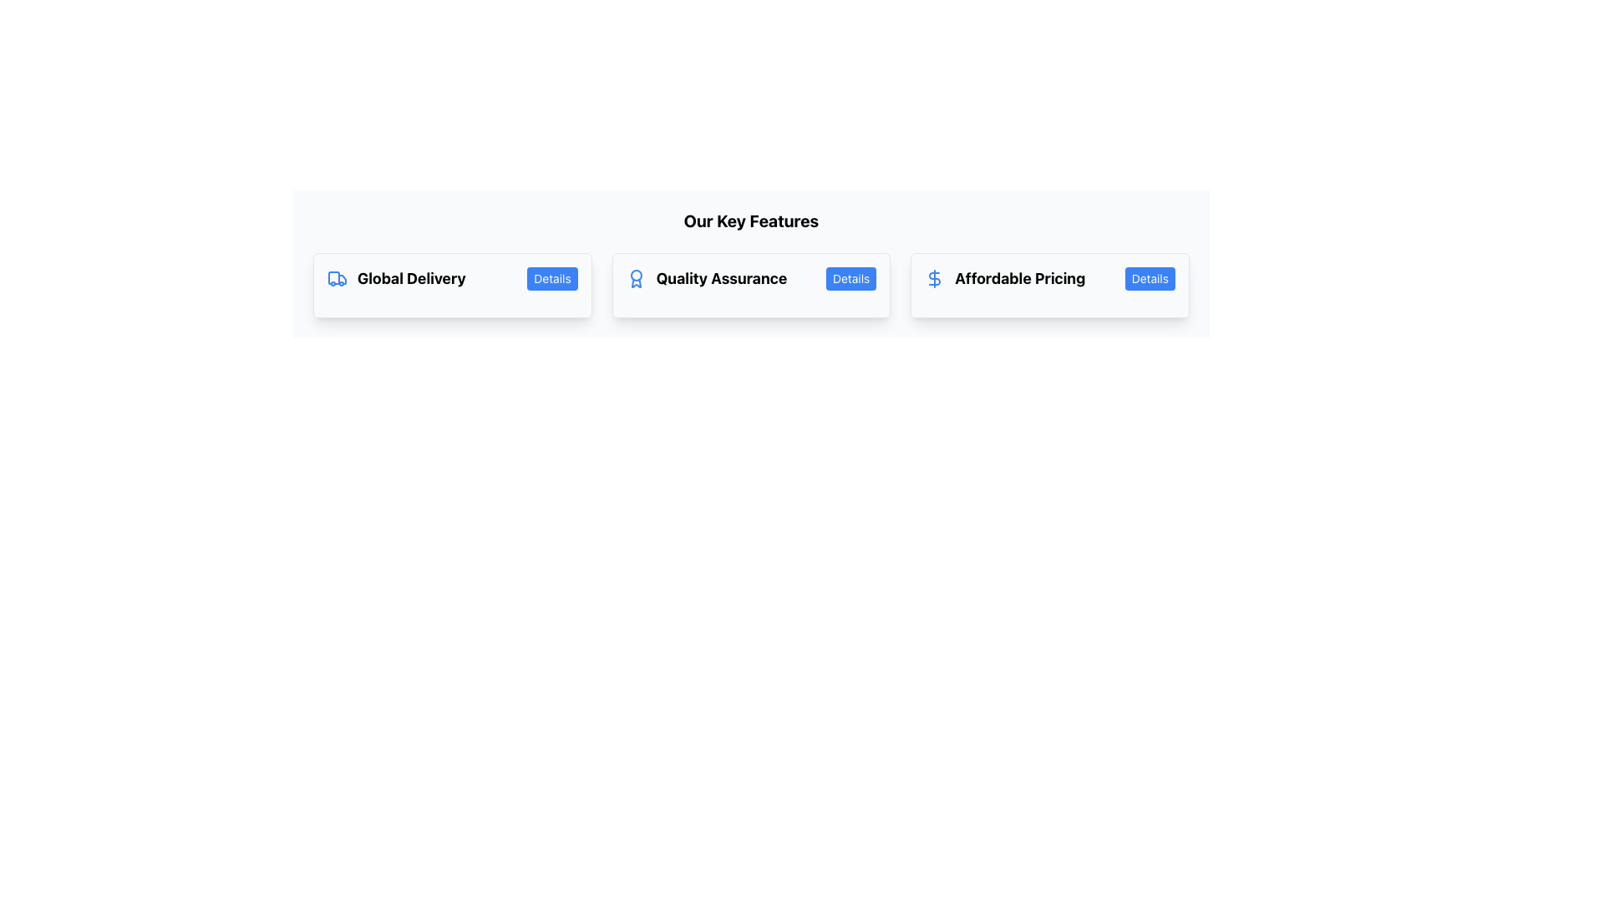  Describe the element at coordinates (851, 278) in the screenshot. I see `the 'Details' button with a blue background and white text located in the top-right corner of the 'Quality Assurance' card` at that location.